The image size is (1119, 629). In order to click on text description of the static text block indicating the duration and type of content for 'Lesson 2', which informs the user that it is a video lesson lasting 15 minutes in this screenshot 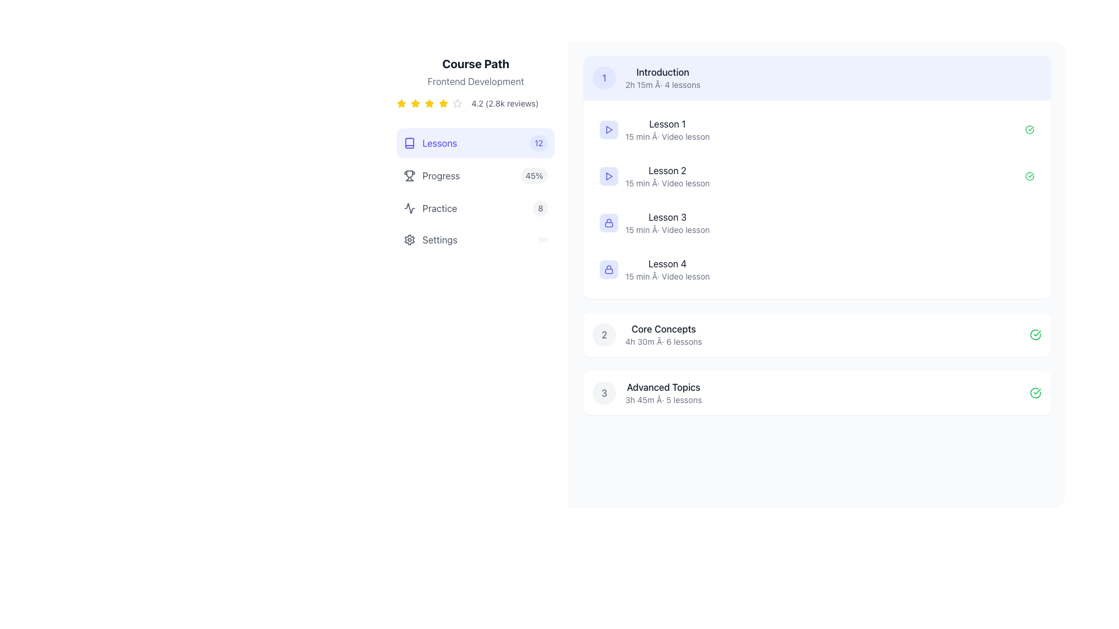, I will do `click(667, 183)`.